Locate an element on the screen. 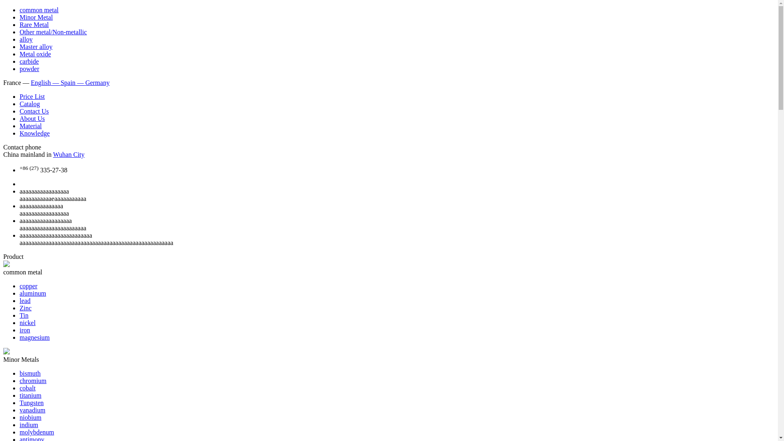 Image resolution: width=784 pixels, height=441 pixels. 'powder' is located at coordinates (20, 68).